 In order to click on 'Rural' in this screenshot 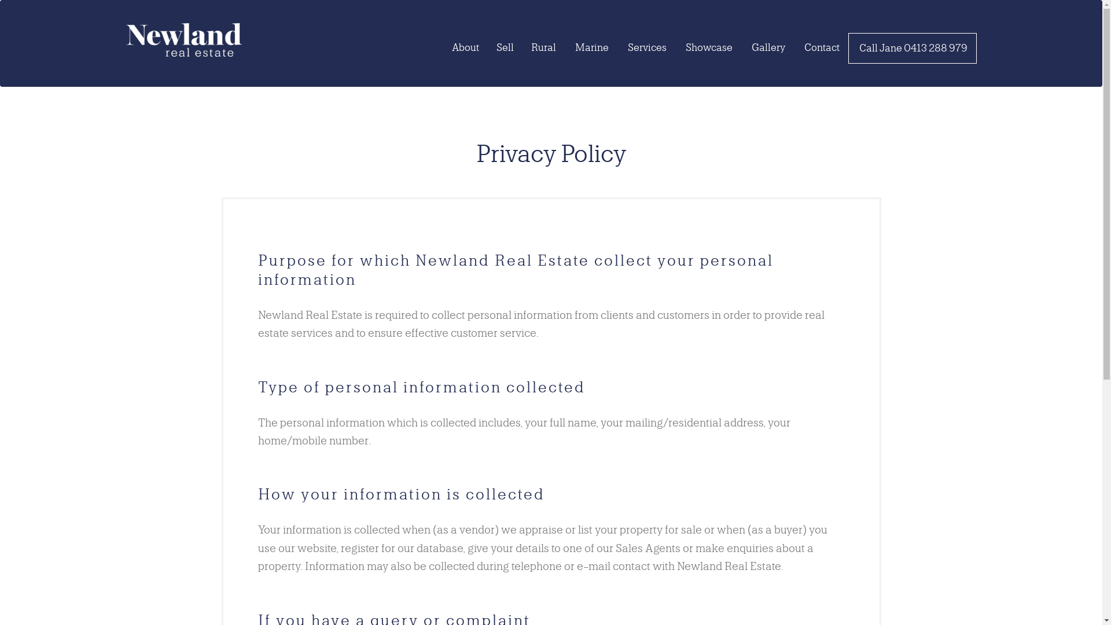, I will do `click(542, 46)`.